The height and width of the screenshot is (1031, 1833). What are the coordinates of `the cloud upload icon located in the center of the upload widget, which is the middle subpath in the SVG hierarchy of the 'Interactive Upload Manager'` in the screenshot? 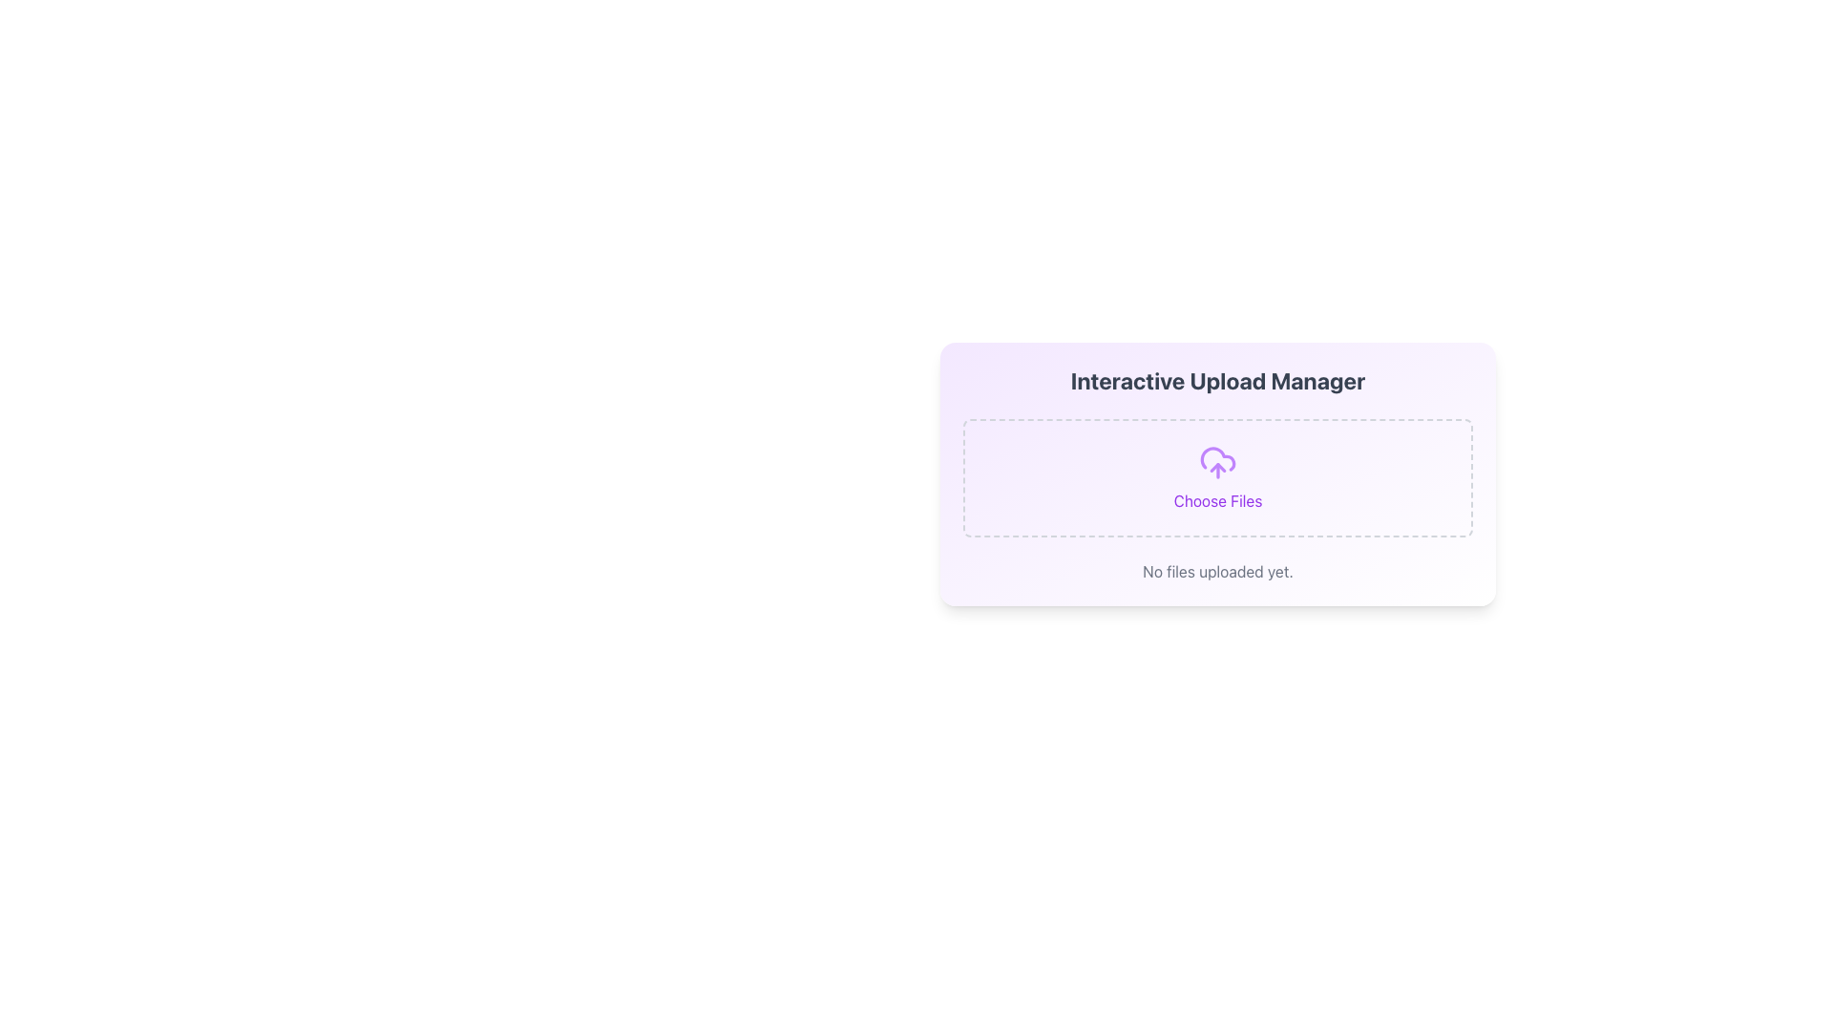 It's located at (1217, 459).